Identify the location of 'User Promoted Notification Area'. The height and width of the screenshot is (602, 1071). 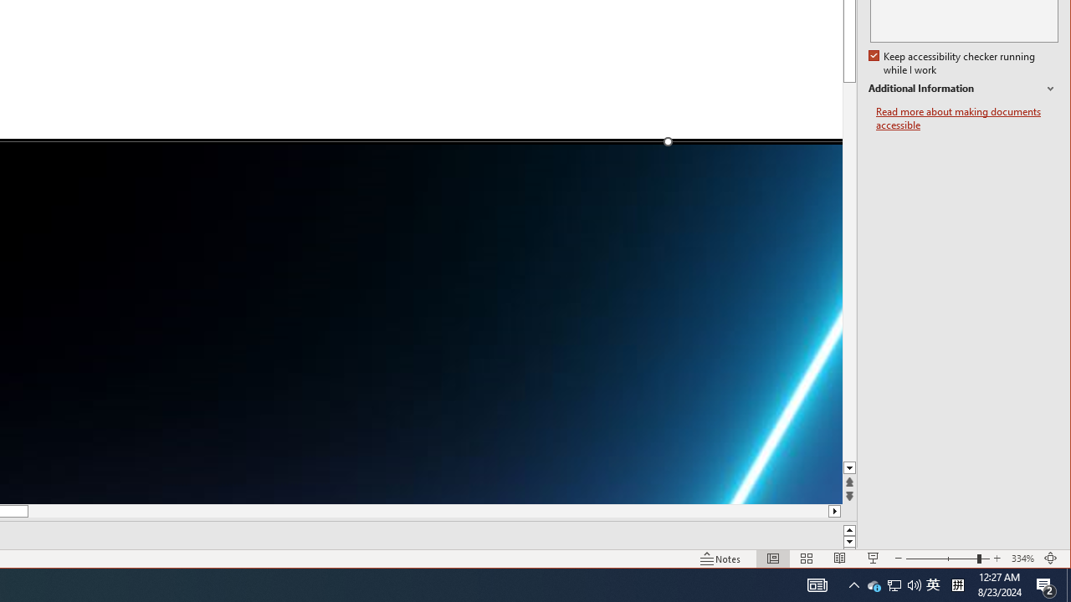
(932, 584).